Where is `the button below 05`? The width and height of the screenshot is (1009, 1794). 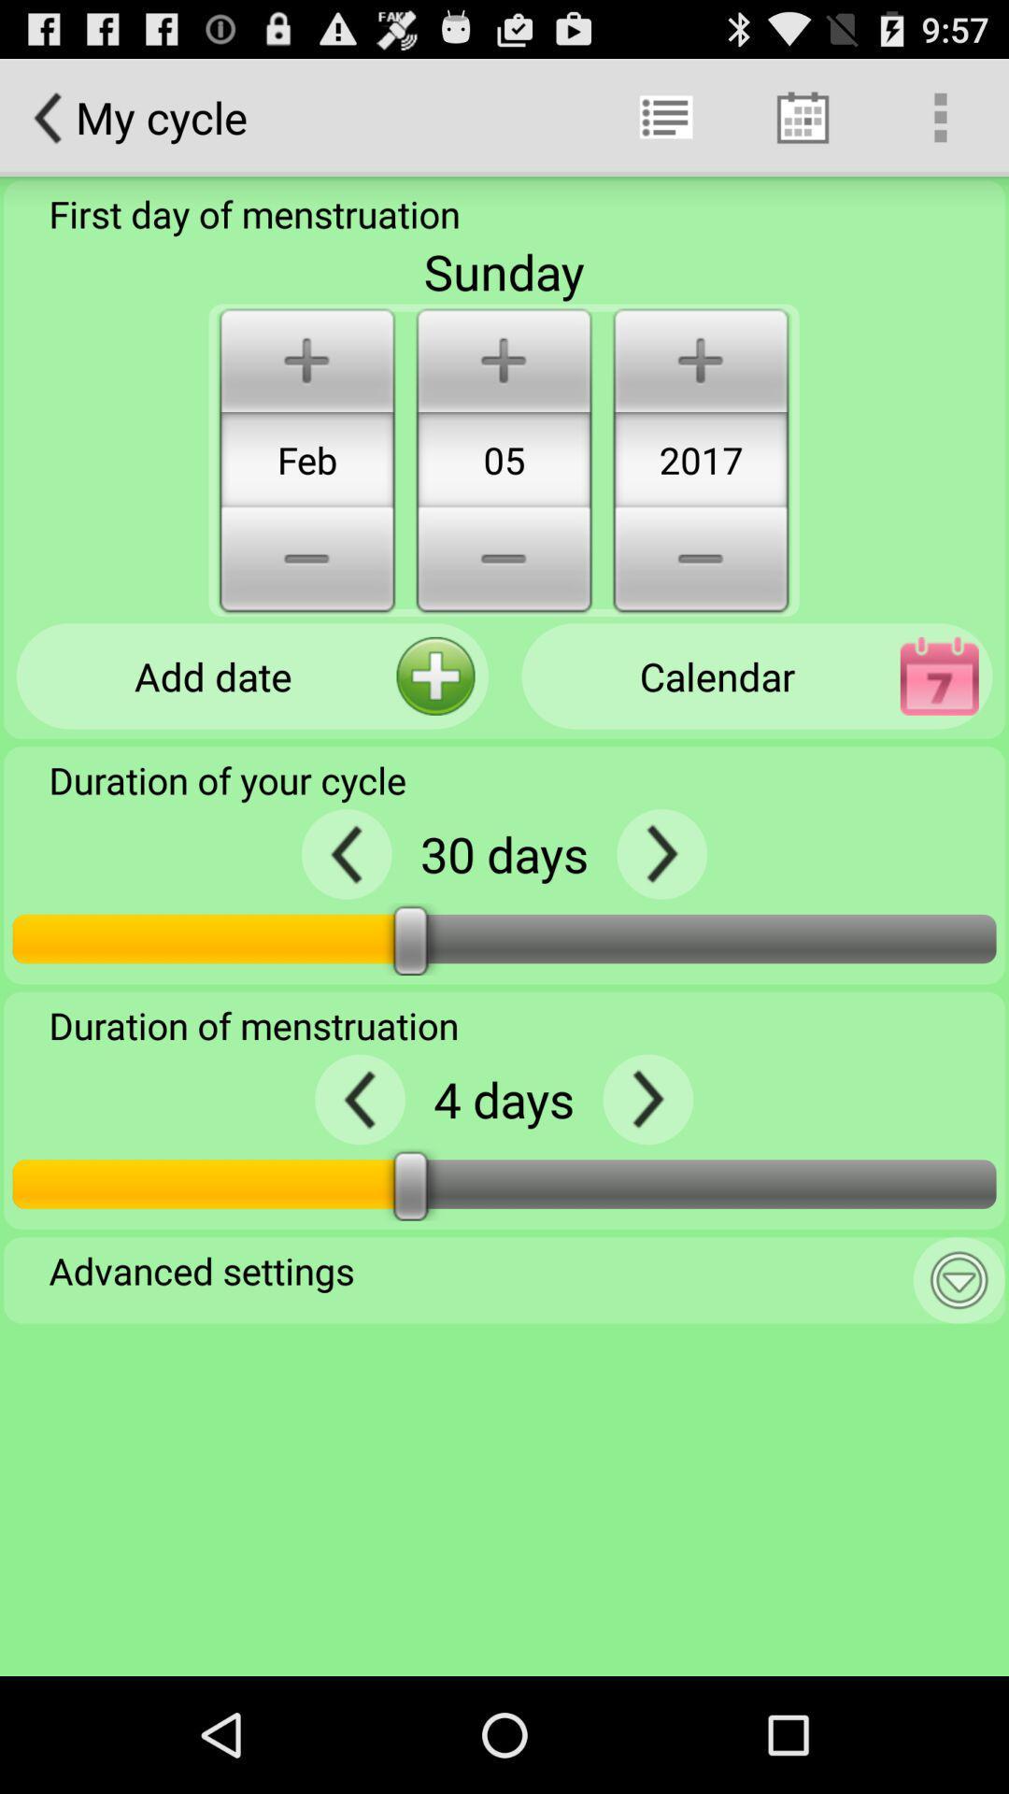
the button below 05 is located at coordinates (503, 562).